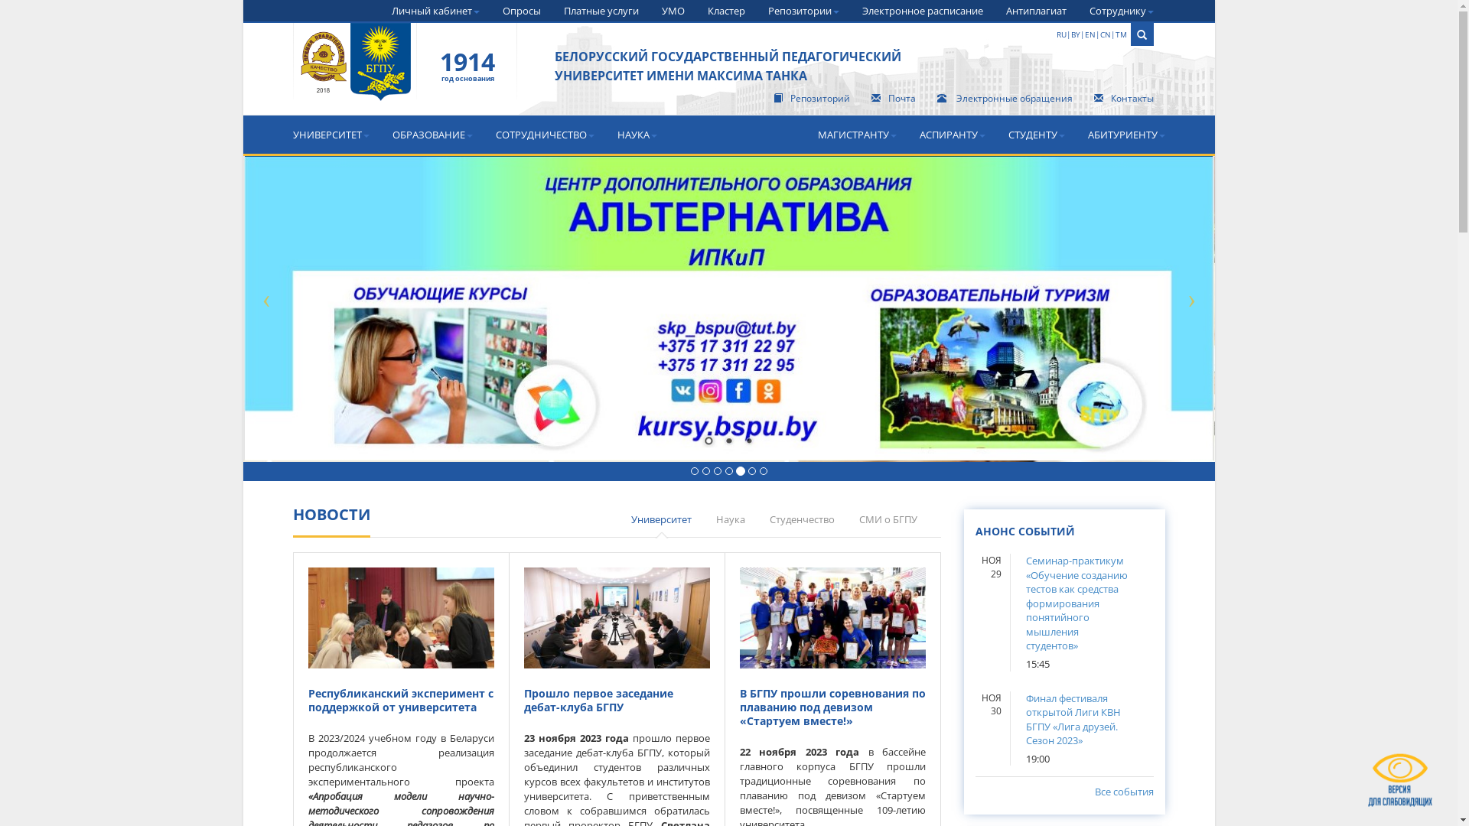  Describe the element at coordinates (354, 73) in the screenshot. I see `' '` at that location.